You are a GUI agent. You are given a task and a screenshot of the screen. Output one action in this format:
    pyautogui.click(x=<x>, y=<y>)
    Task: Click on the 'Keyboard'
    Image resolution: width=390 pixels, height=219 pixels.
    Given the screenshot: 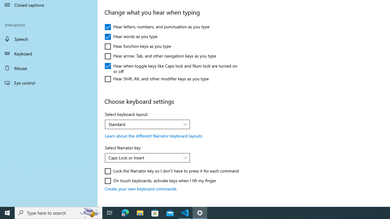 What is the action you would take?
    pyautogui.click(x=49, y=53)
    